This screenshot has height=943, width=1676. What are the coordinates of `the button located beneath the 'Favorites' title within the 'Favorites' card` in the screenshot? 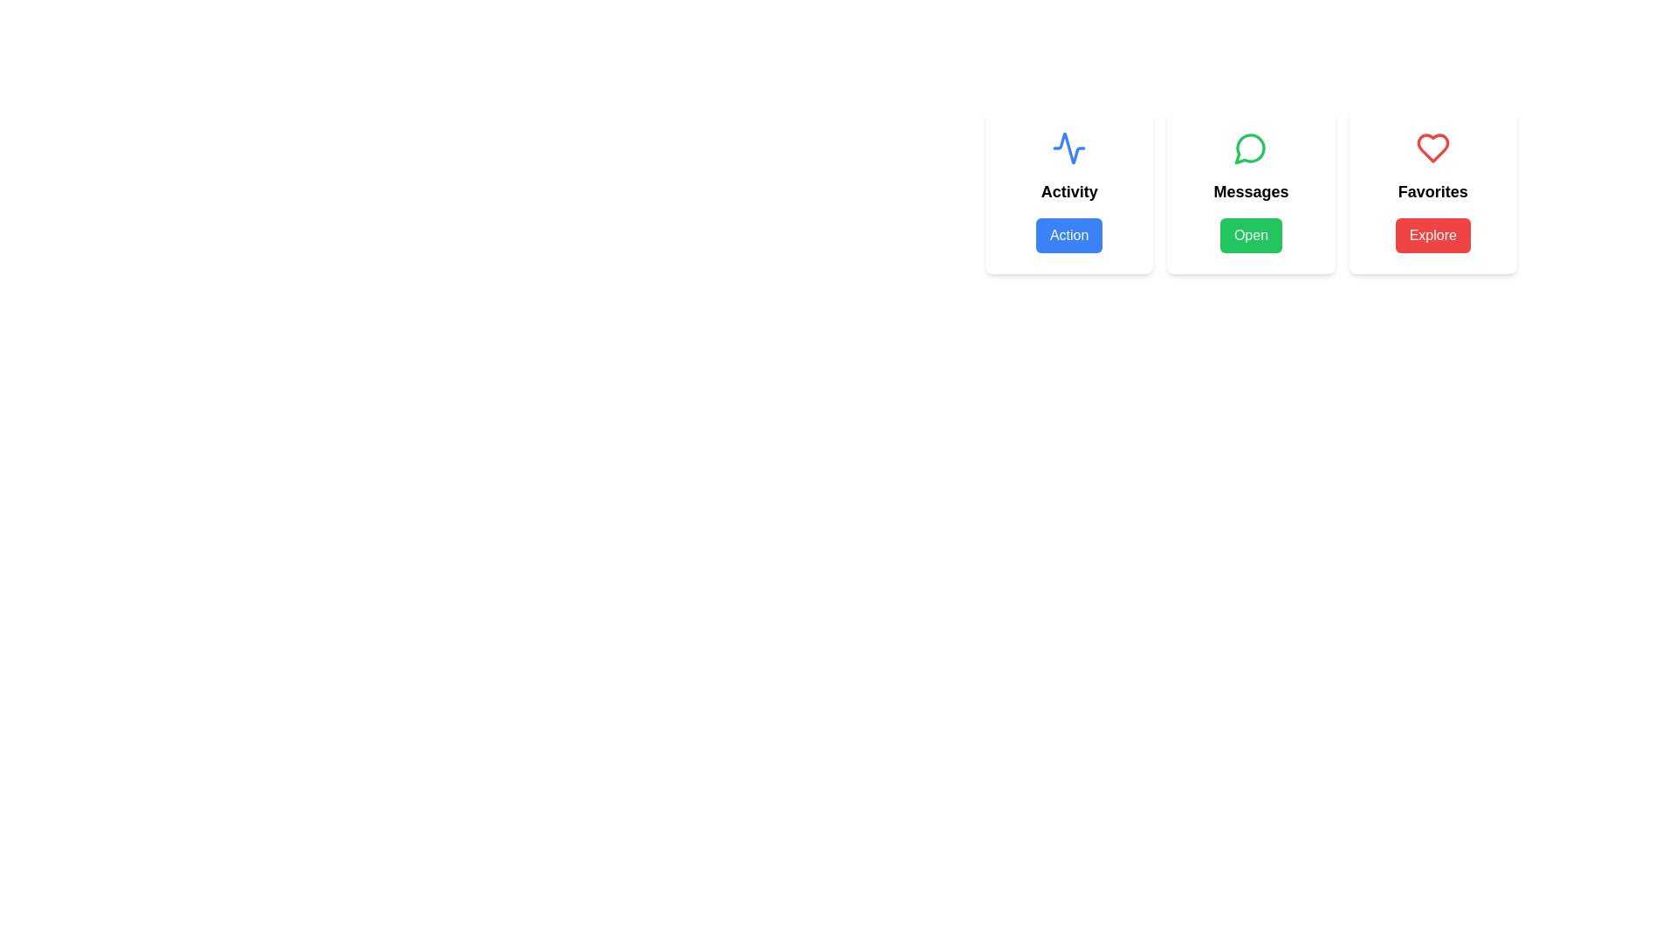 It's located at (1432, 236).